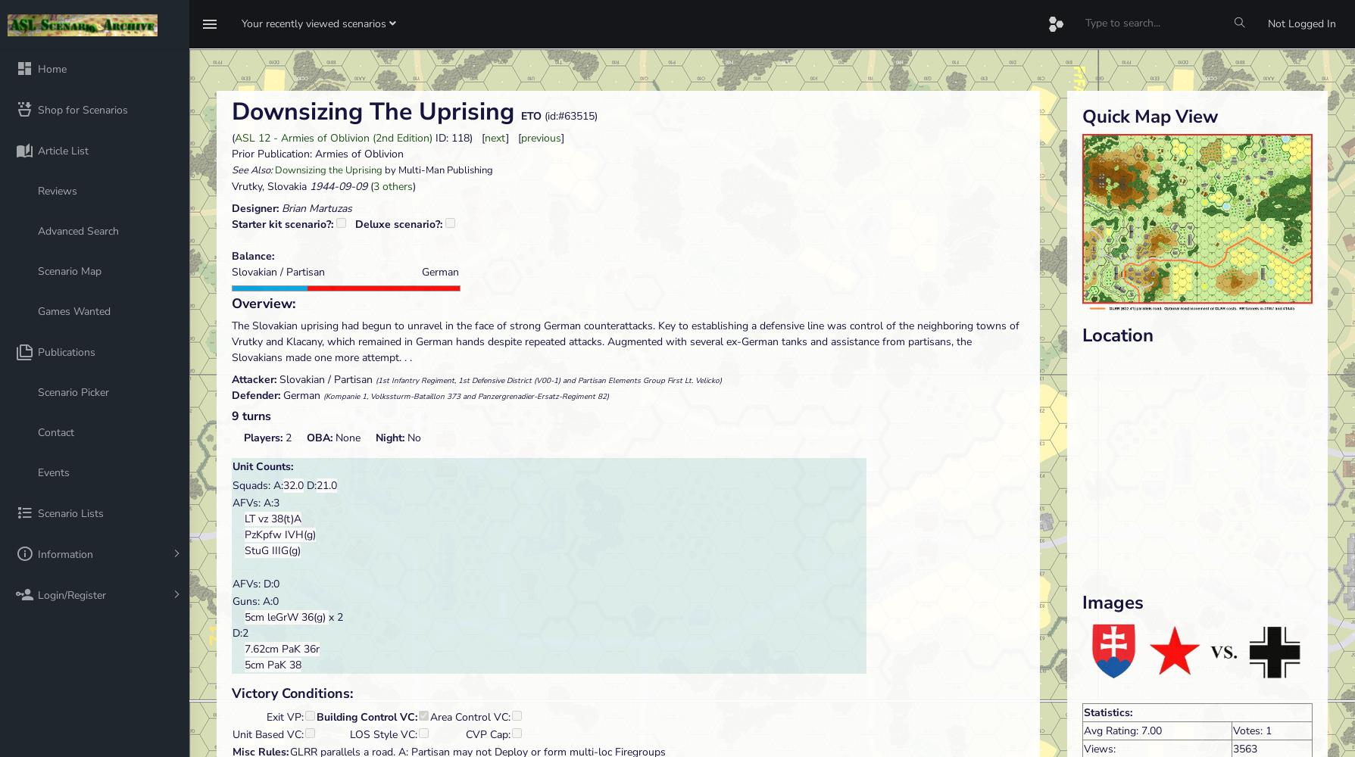 This screenshot has width=1355, height=757. What do you see at coordinates (254, 379) in the screenshot?
I see `'Attacker:'` at bounding box center [254, 379].